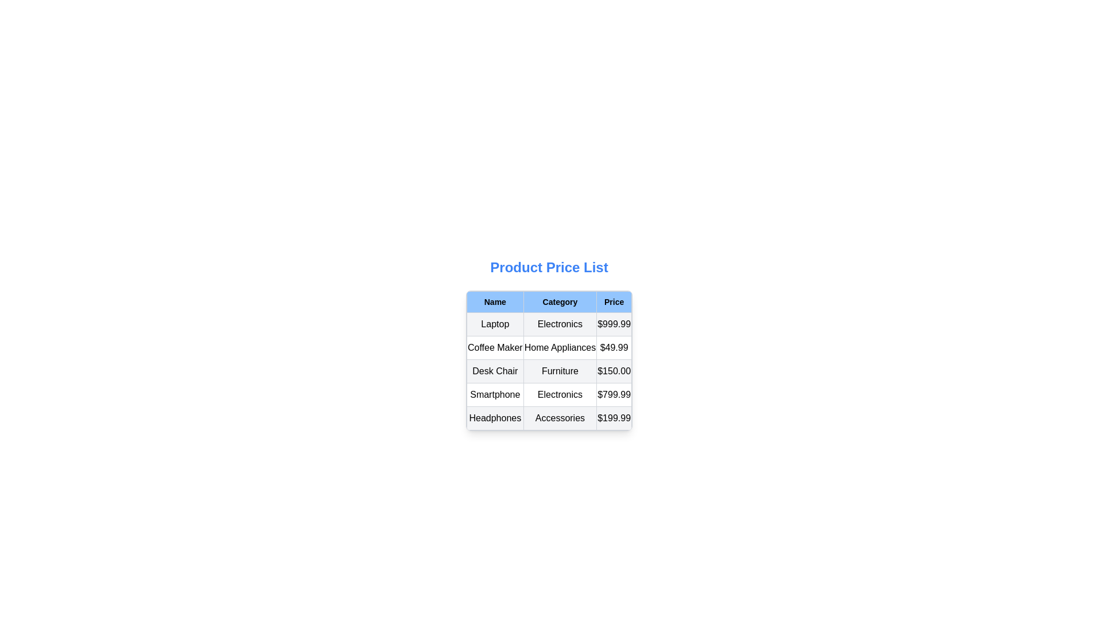  What do you see at coordinates (560, 371) in the screenshot?
I see `the text label displaying 'Furniture' which is a bold label on a light gray background in the 'Category' column of the product price list table` at bounding box center [560, 371].